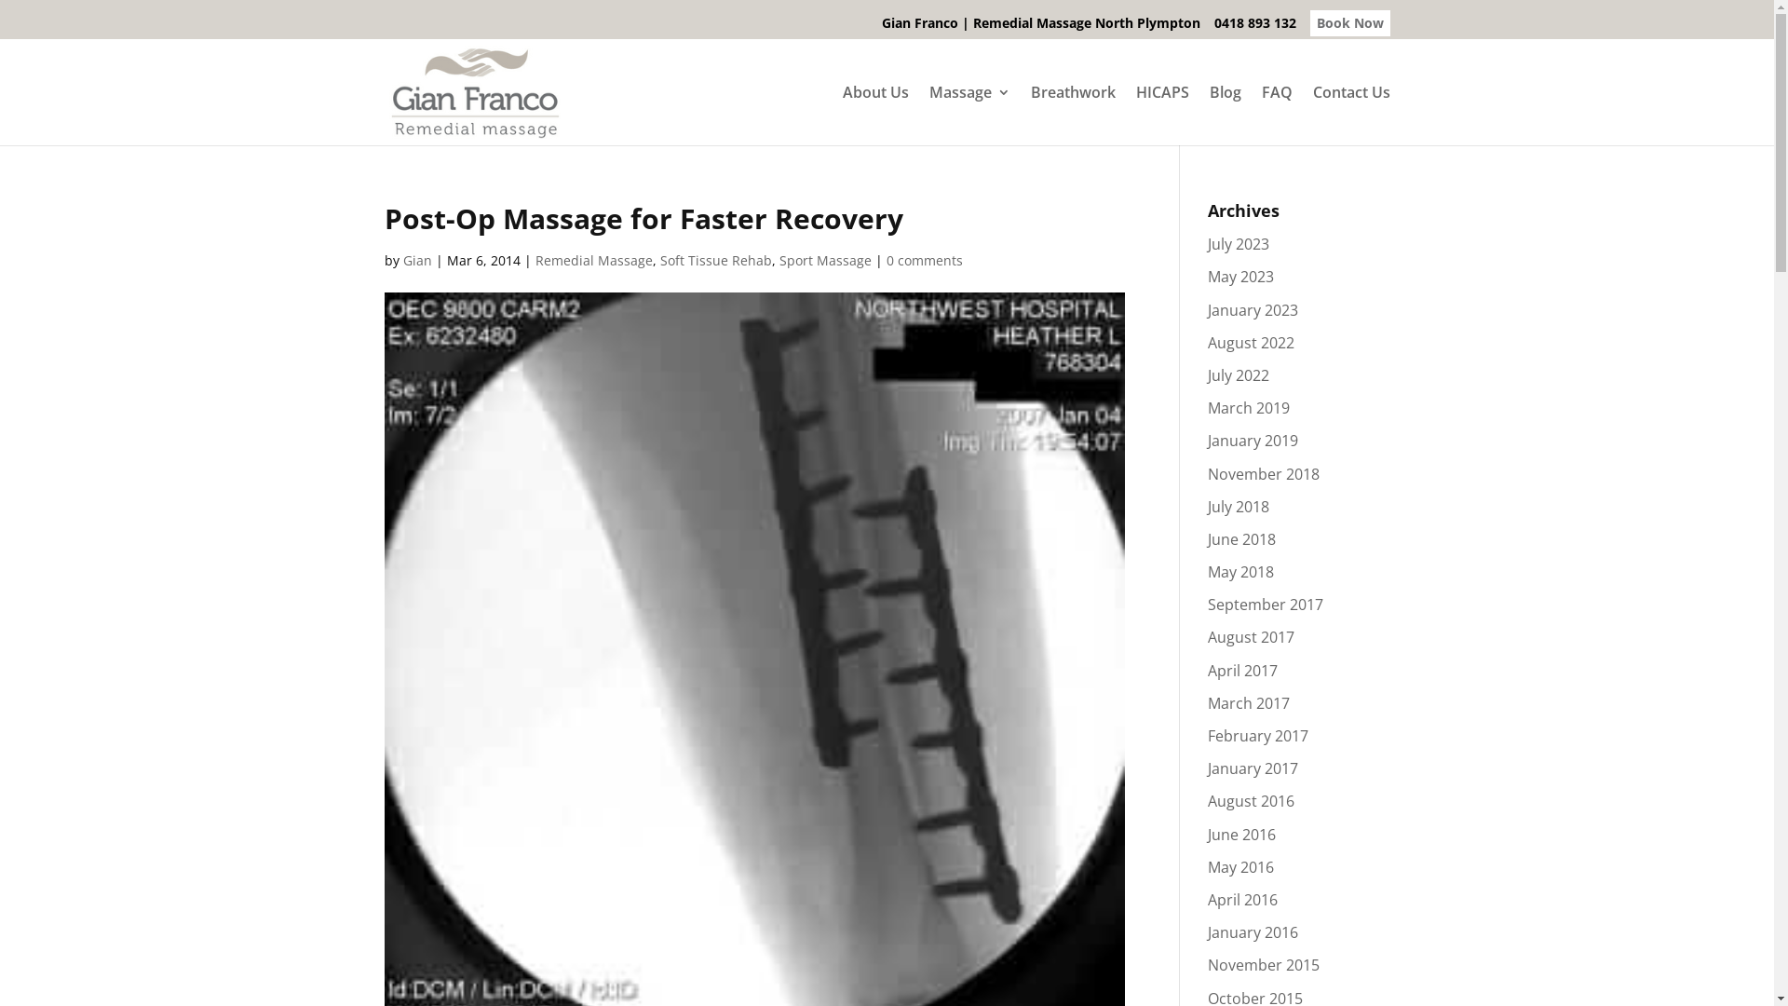 This screenshot has width=1788, height=1006. What do you see at coordinates (925, 260) in the screenshot?
I see `'0 comments'` at bounding box center [925, 260].